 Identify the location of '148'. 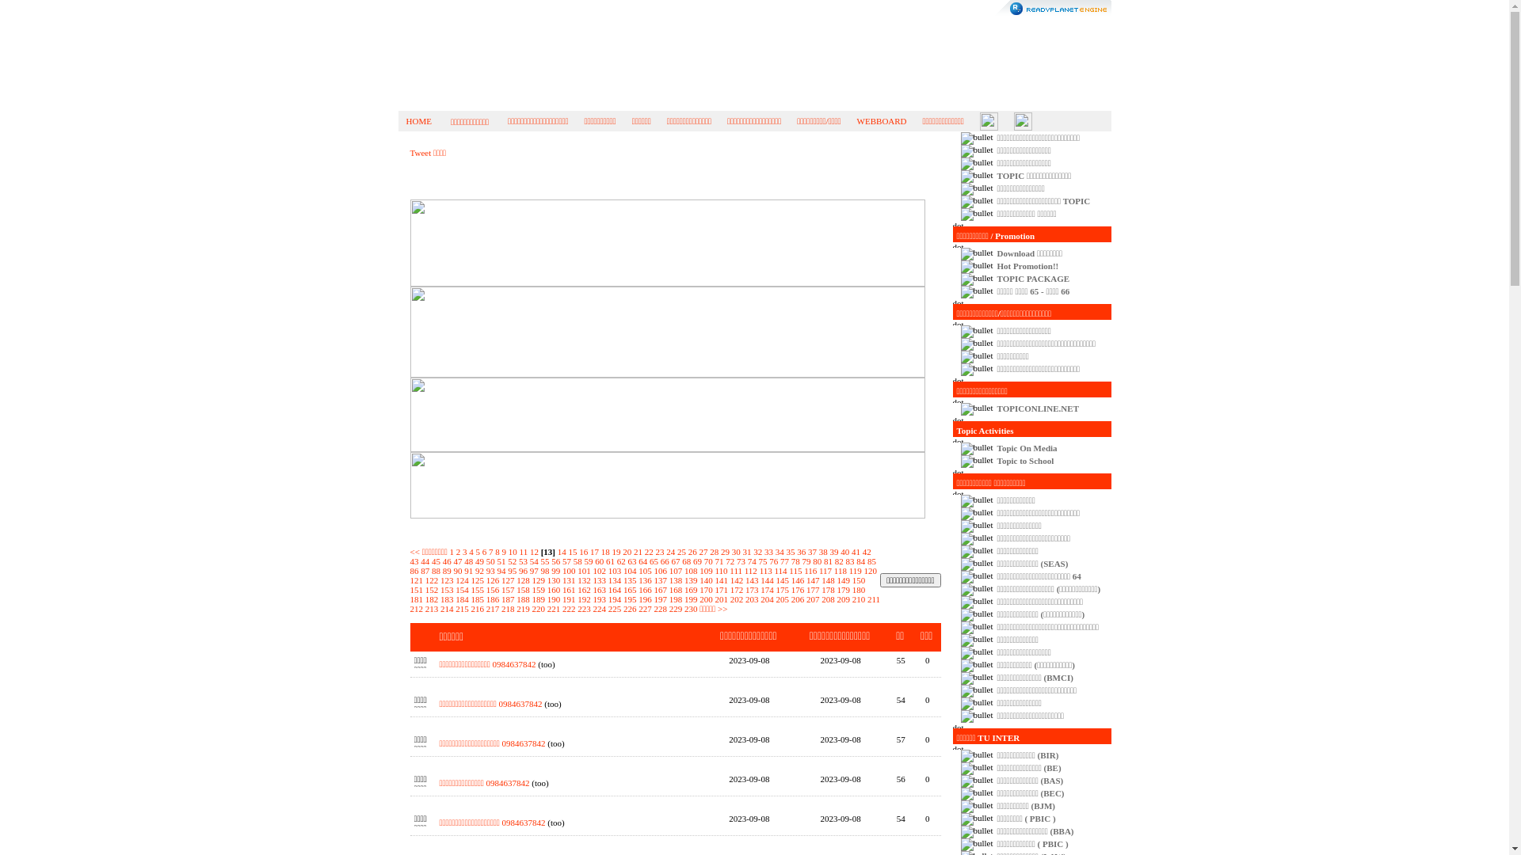
(821, 579).